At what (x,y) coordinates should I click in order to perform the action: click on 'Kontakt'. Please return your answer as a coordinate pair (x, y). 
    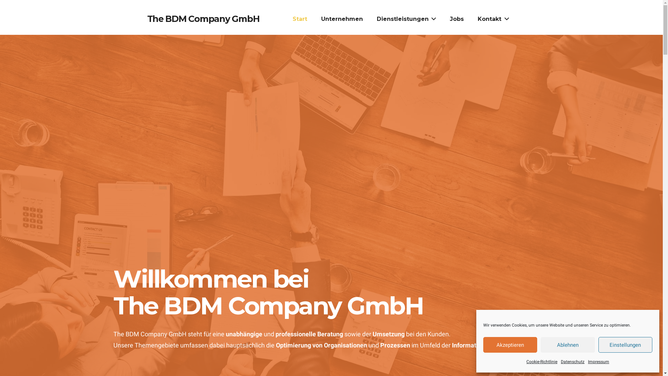
    Looking at the image, I should click on (493, 18).